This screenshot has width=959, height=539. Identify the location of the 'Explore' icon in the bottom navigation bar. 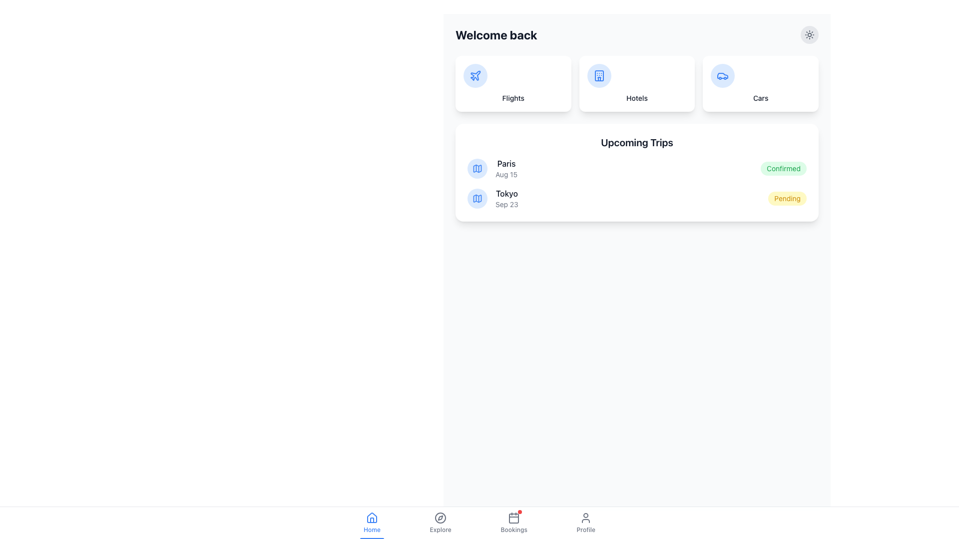
(440, 517).